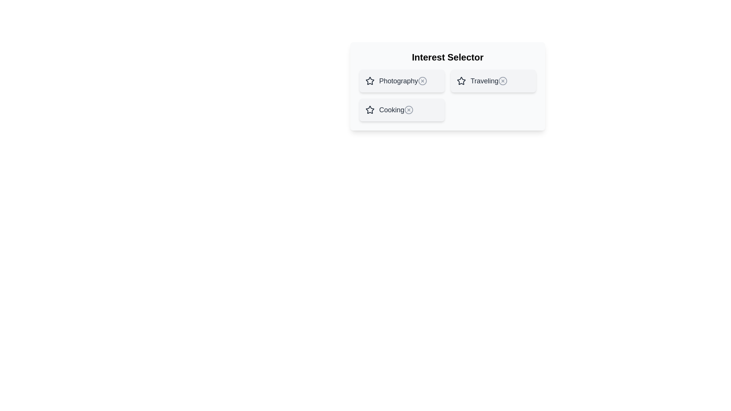 Image resolution: width=731 pixels, height=411 pixels. I want to click on the item Traveling, so click(493, 81).